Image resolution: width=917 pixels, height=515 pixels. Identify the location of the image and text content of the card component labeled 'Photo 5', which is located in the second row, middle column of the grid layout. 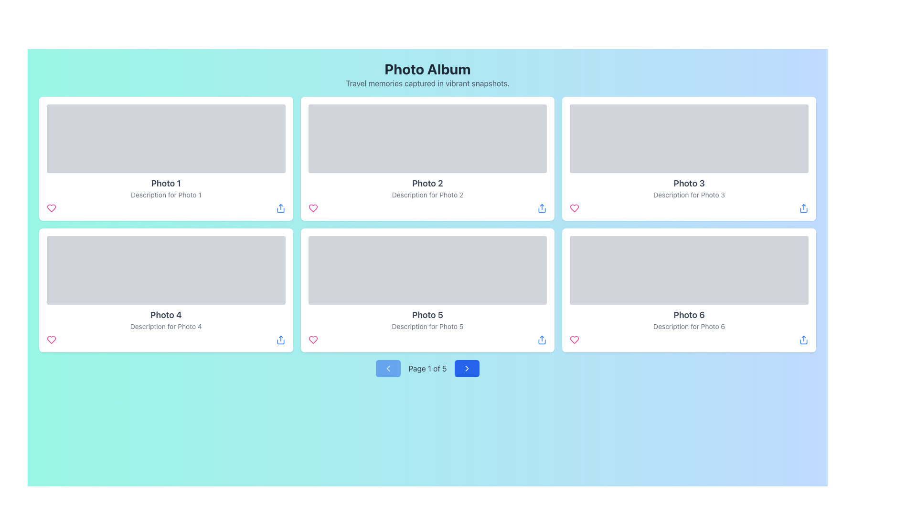
(427, 290).